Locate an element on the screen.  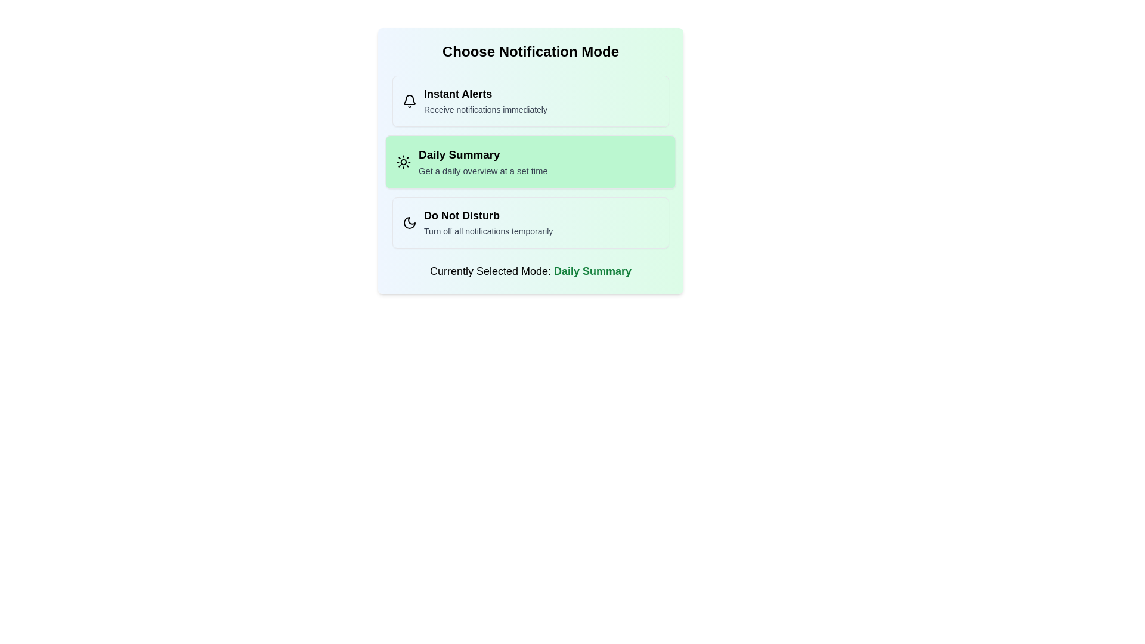
the 'Do Not Disturb' TextLabel, which is bold and slightly larger, indicating a section title within the notification settings card is located at coordinates (488, 216).